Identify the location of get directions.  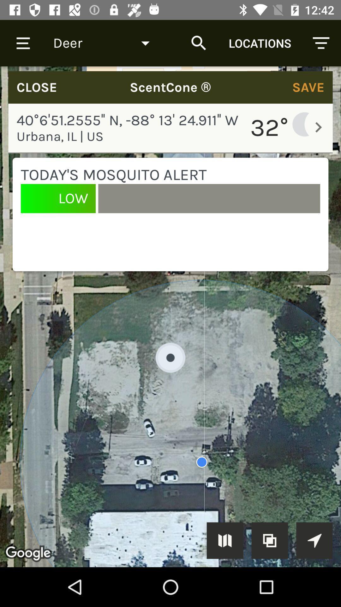
(314, 540).